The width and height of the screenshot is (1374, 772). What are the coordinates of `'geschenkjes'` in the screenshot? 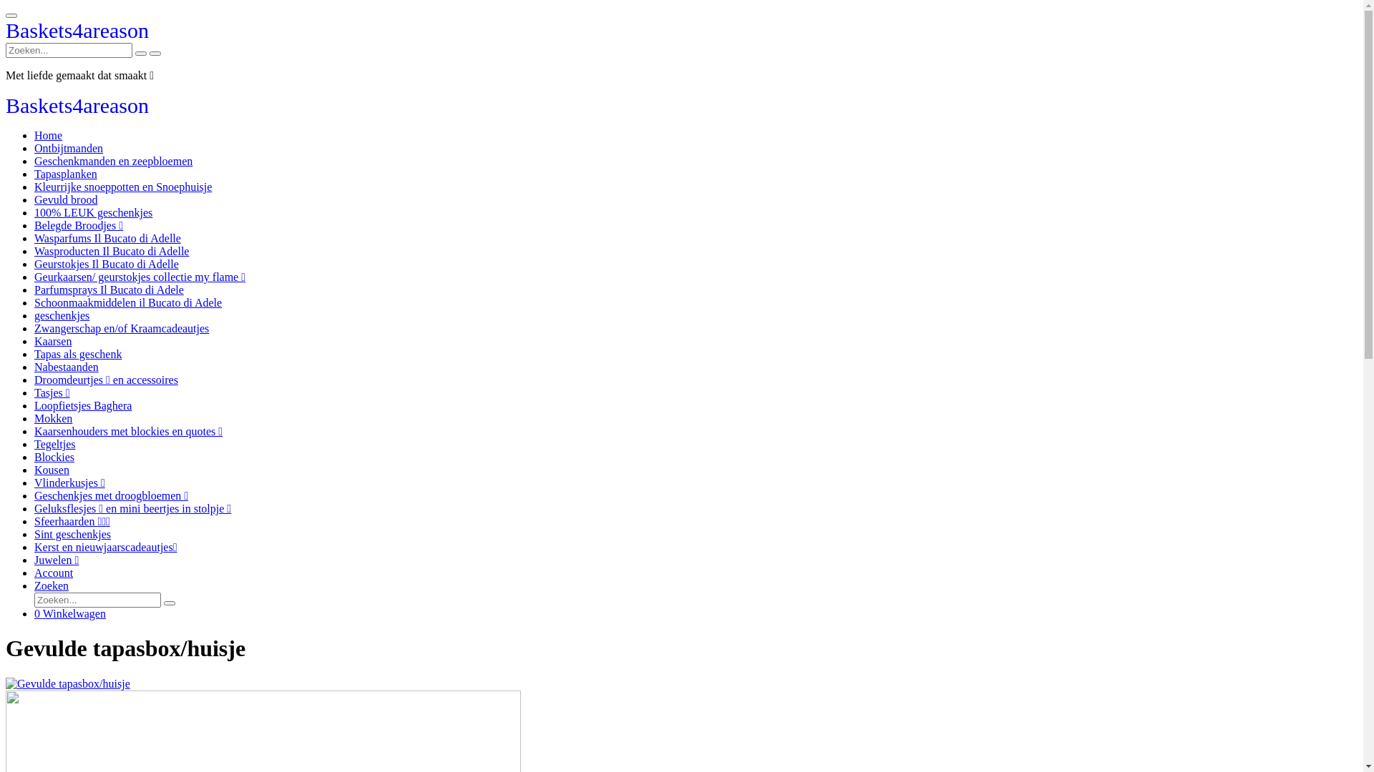 It's located at (61, 315).